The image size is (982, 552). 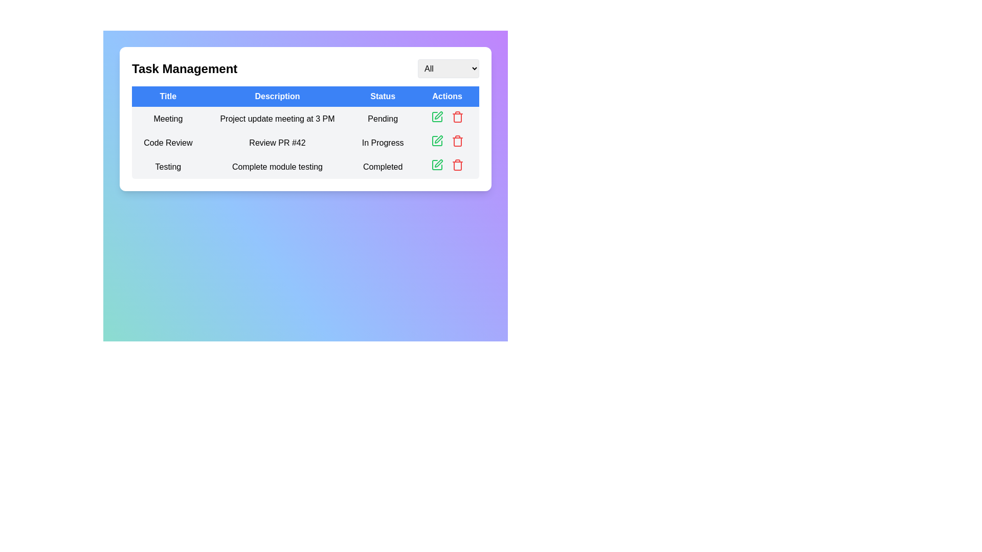 What do you see at coordinates (438, 163) in the screenshot?
I see `the green pen icon in the 'Actions' column of the table to initiate the edit function` at bounding box center [438, 163].